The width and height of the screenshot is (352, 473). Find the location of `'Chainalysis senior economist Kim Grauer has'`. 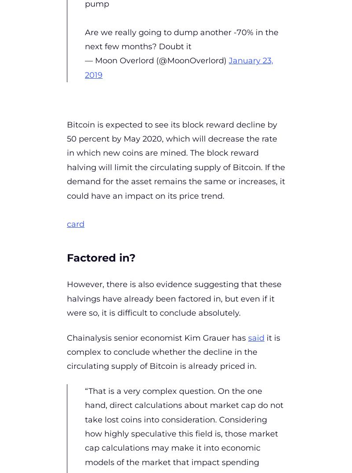

'Chainalysis senior economist Kim Grauer has' is located at coordinates (158, 338).